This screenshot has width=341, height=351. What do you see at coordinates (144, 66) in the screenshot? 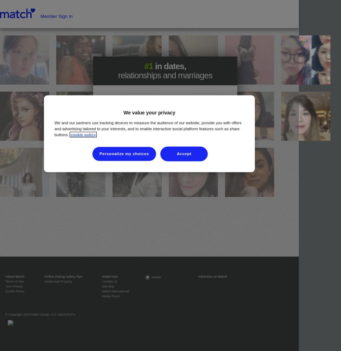
I see `'#1'` at bounding box center [144, 66].